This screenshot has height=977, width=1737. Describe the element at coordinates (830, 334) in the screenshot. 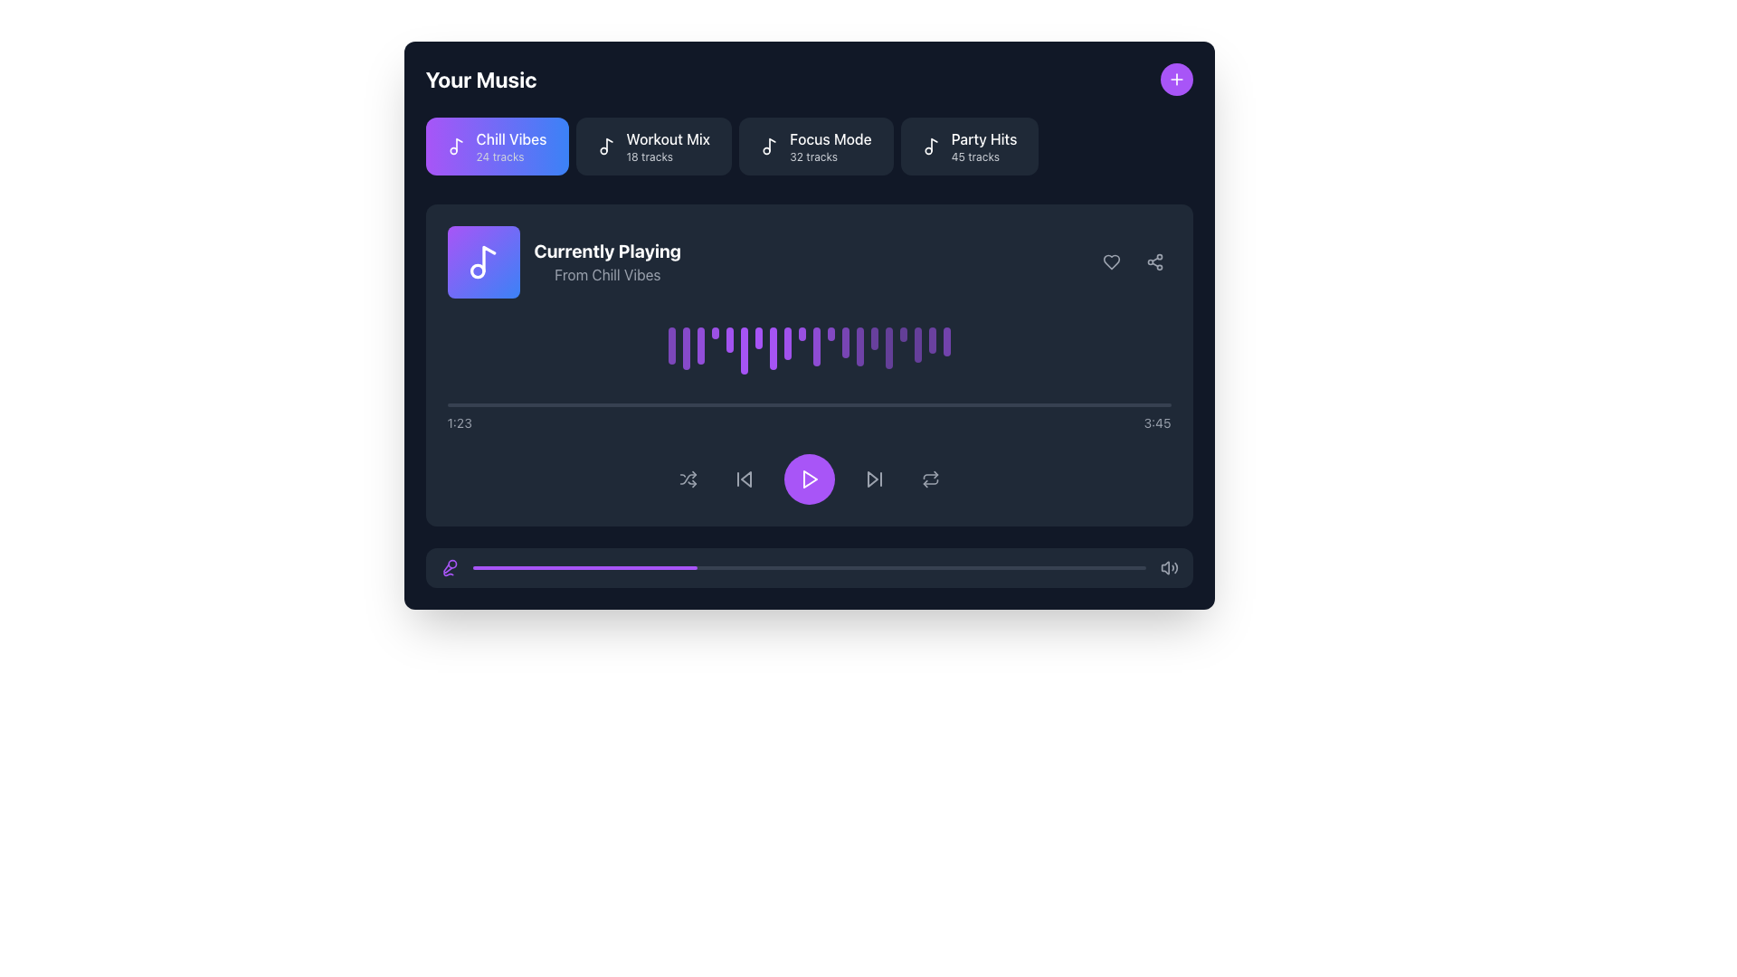

I see `the 12th visual bar in the waveform representation of the music player interface, which displays sound patterns of the currently playing audio` at that location.